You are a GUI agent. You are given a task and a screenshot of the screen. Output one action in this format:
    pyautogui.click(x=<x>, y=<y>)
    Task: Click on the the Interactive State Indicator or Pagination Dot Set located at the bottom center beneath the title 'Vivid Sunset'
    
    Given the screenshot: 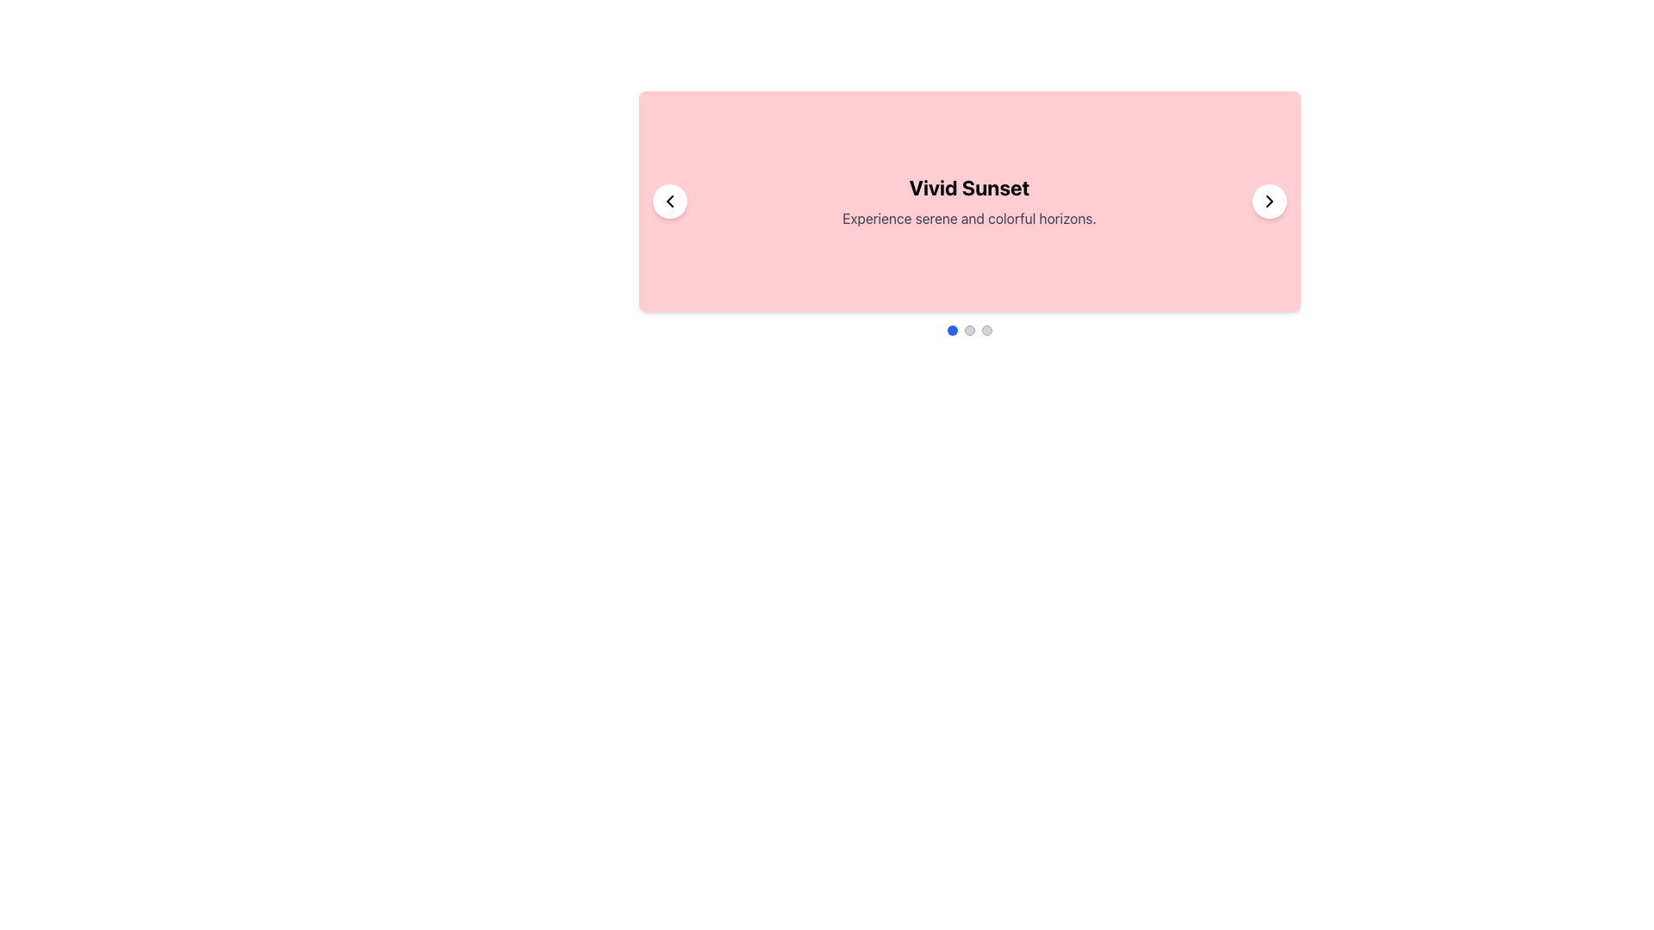 What is the action you would take?
    pyautogui.click(x=969, y=331)
    